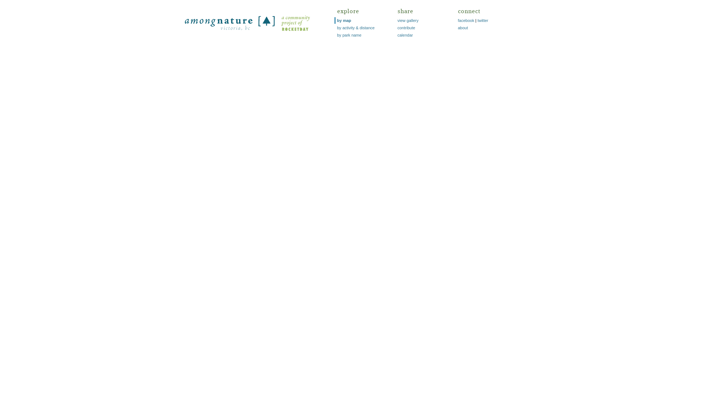 This screenshot has height=395, width=703. What do you see at coordinates (397, 20) in the screenshot?
I see `'view gallery'` at bounding box center [397, 20].